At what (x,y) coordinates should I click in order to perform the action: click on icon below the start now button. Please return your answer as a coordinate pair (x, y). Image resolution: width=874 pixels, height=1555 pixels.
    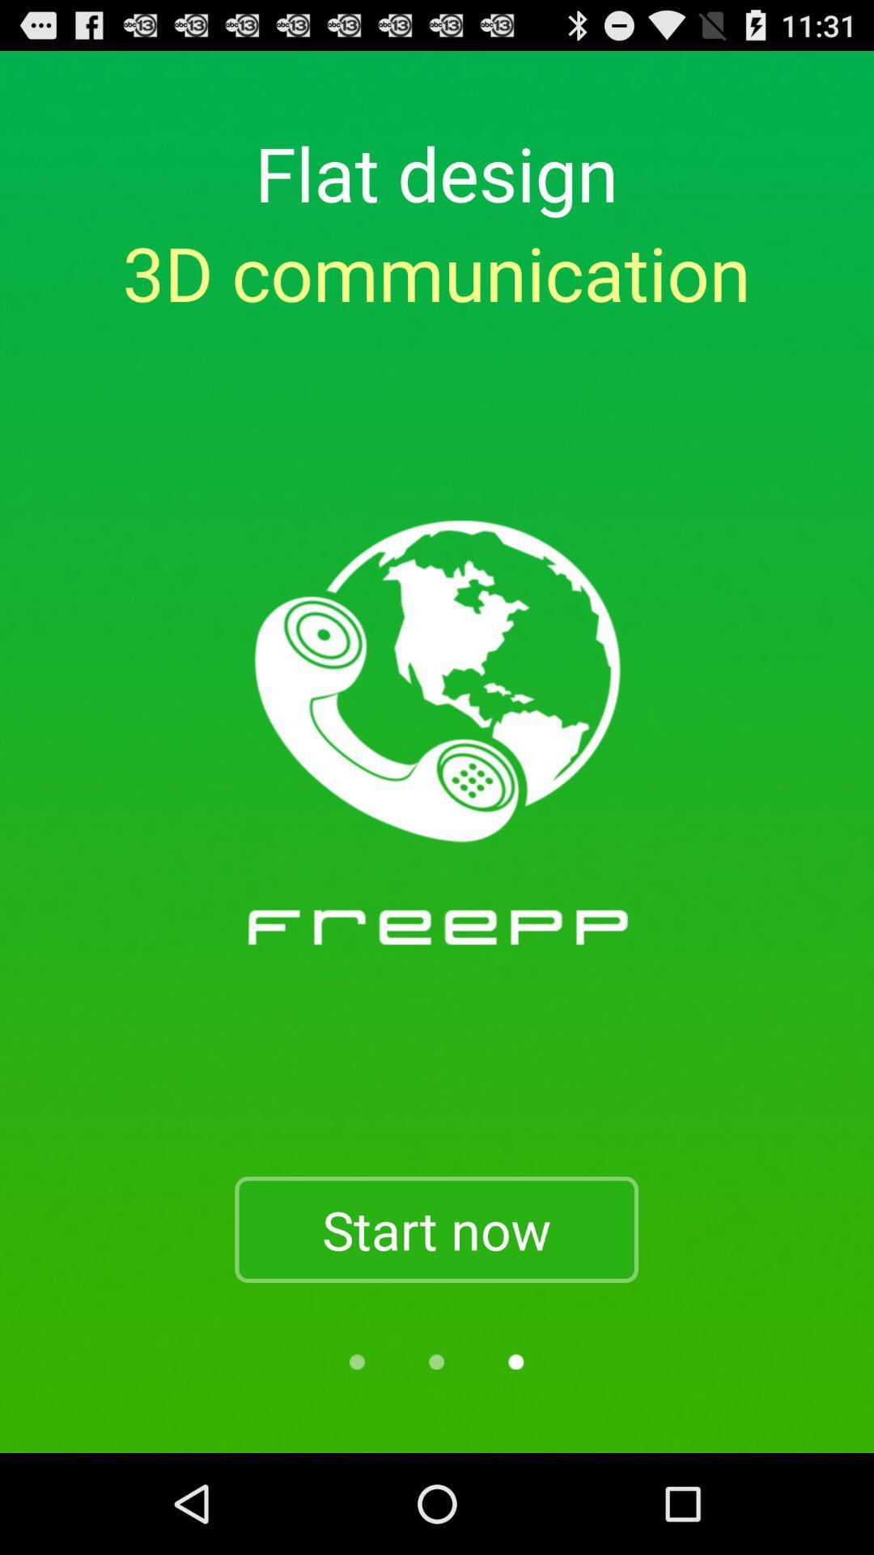
    Looking at the image, I should click on (435, 1361).